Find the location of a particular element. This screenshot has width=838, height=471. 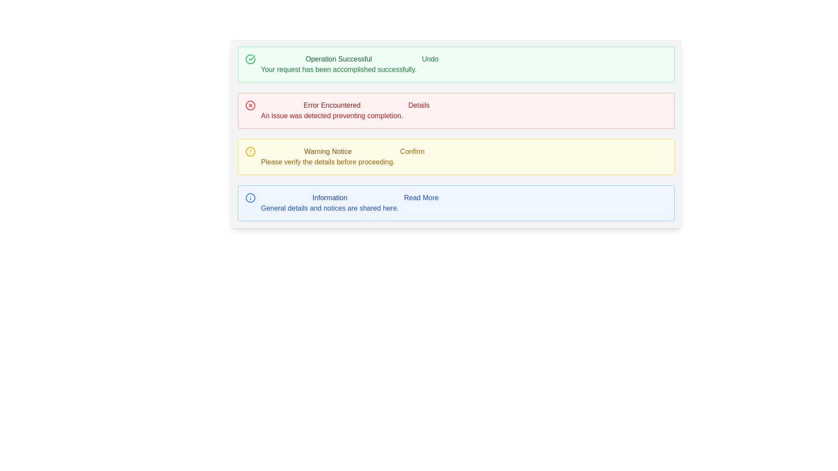

the 'Details' hyperlink styled text label within the red notification box labeled 'Error Encountered' is located at coordinates (419, 105).